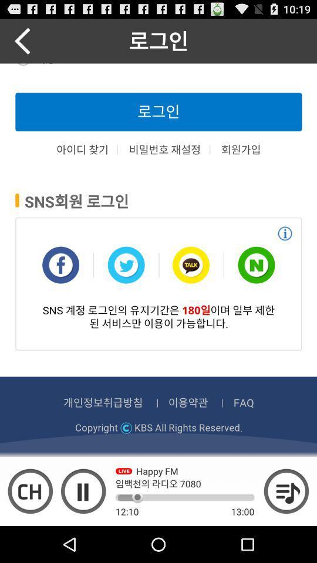 The height and width of the screenshot is (563, 317). Describe the element at coordinates (22, 43) in the screenshot. I see `the arrow_backward icon` at that location.